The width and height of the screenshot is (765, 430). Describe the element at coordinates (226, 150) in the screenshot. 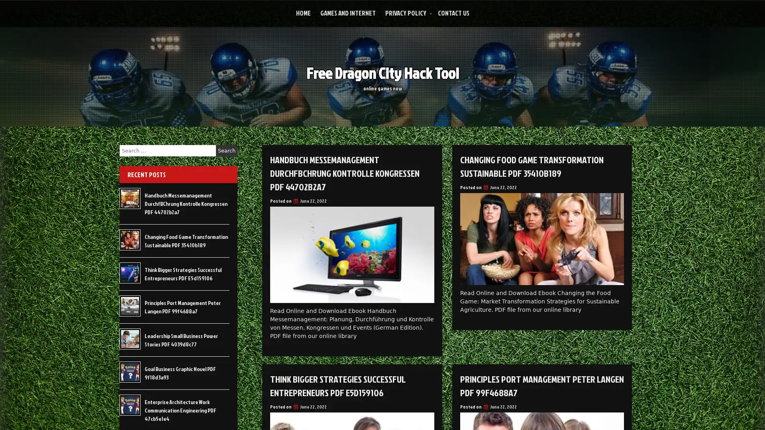

I see `Search` at that location.